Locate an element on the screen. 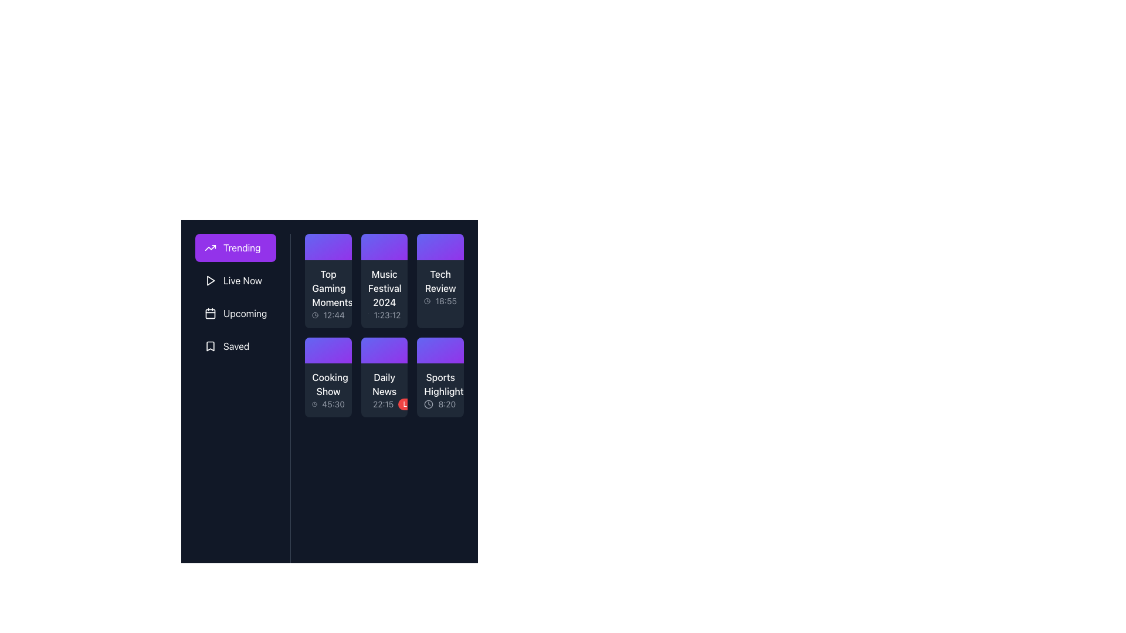 The image size is (1126, 633). the 'Trending' text label which is styled in bold white font and centered within a purple rectangular button with rounded corners, located in the top-left section of the interface is located at coordinates (241, 247).